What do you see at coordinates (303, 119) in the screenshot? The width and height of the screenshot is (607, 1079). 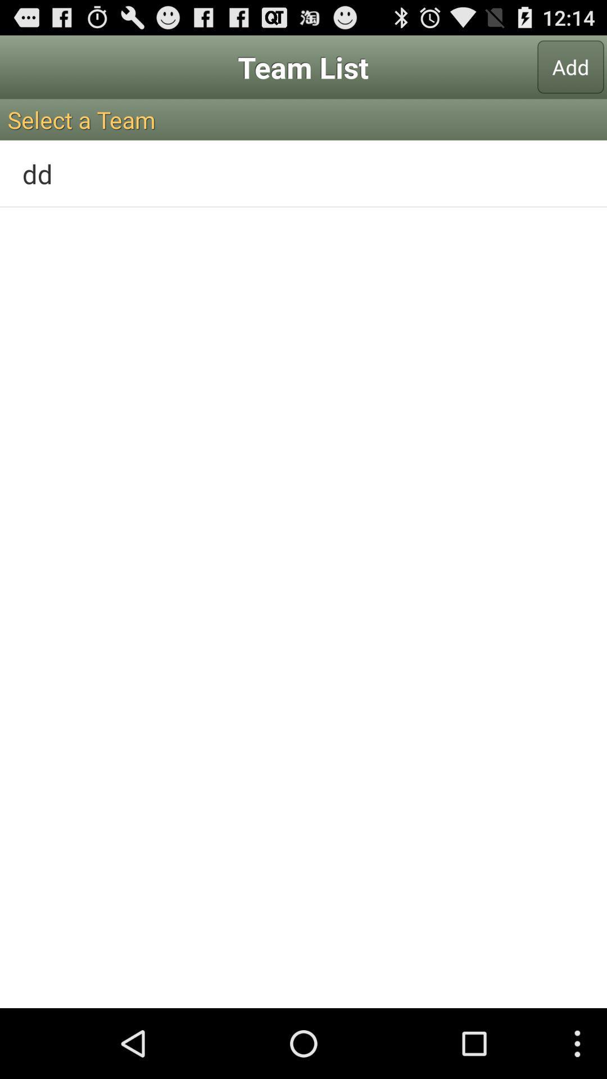 I see `the select a team icon` at bounding box center [303, 119].